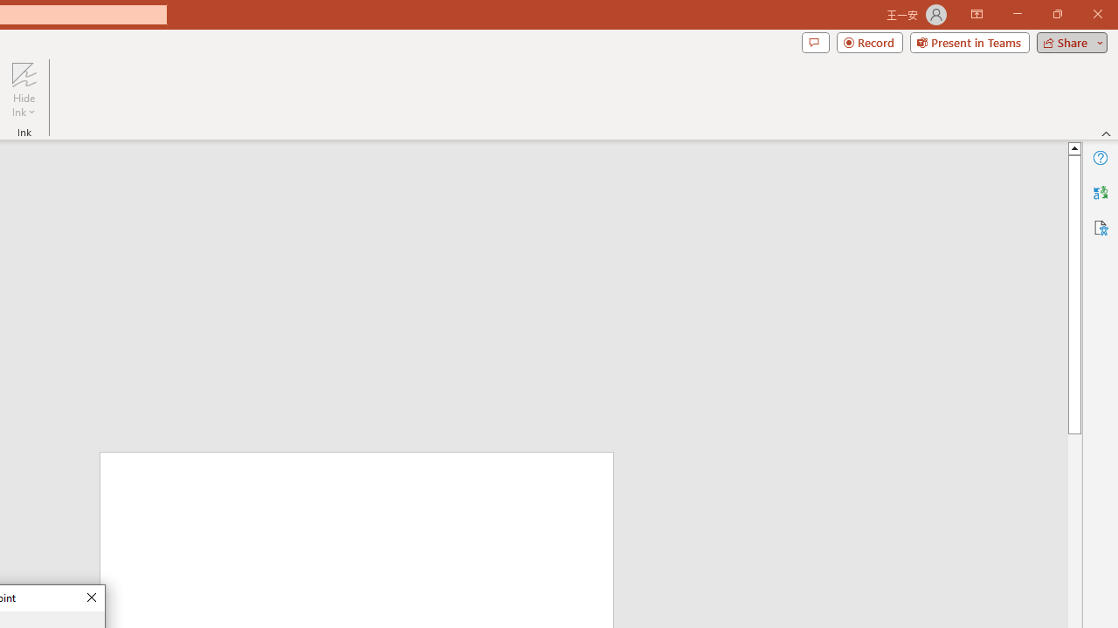 Image resolution: width=1118 pixels, height=628 pixels. I want to click on 'Hide Ink', so click(24, 90).